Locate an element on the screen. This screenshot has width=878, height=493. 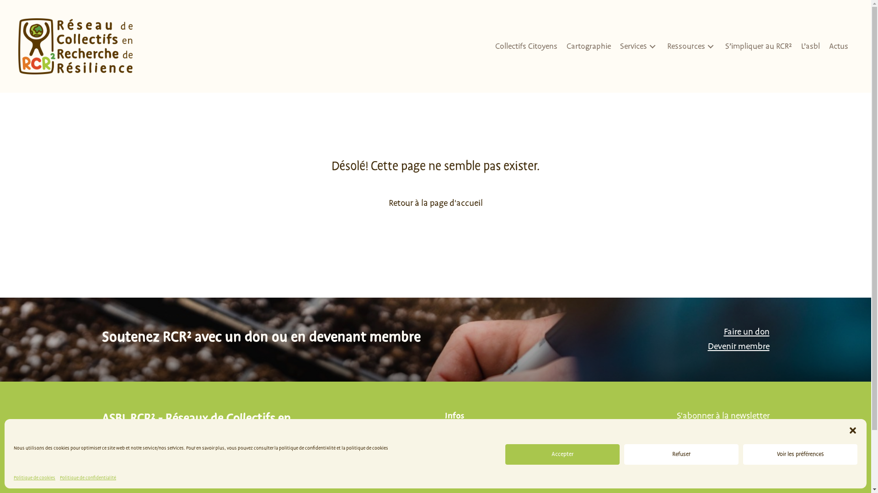
'info@asblrcr.be' is located at coordinates (502, 449).